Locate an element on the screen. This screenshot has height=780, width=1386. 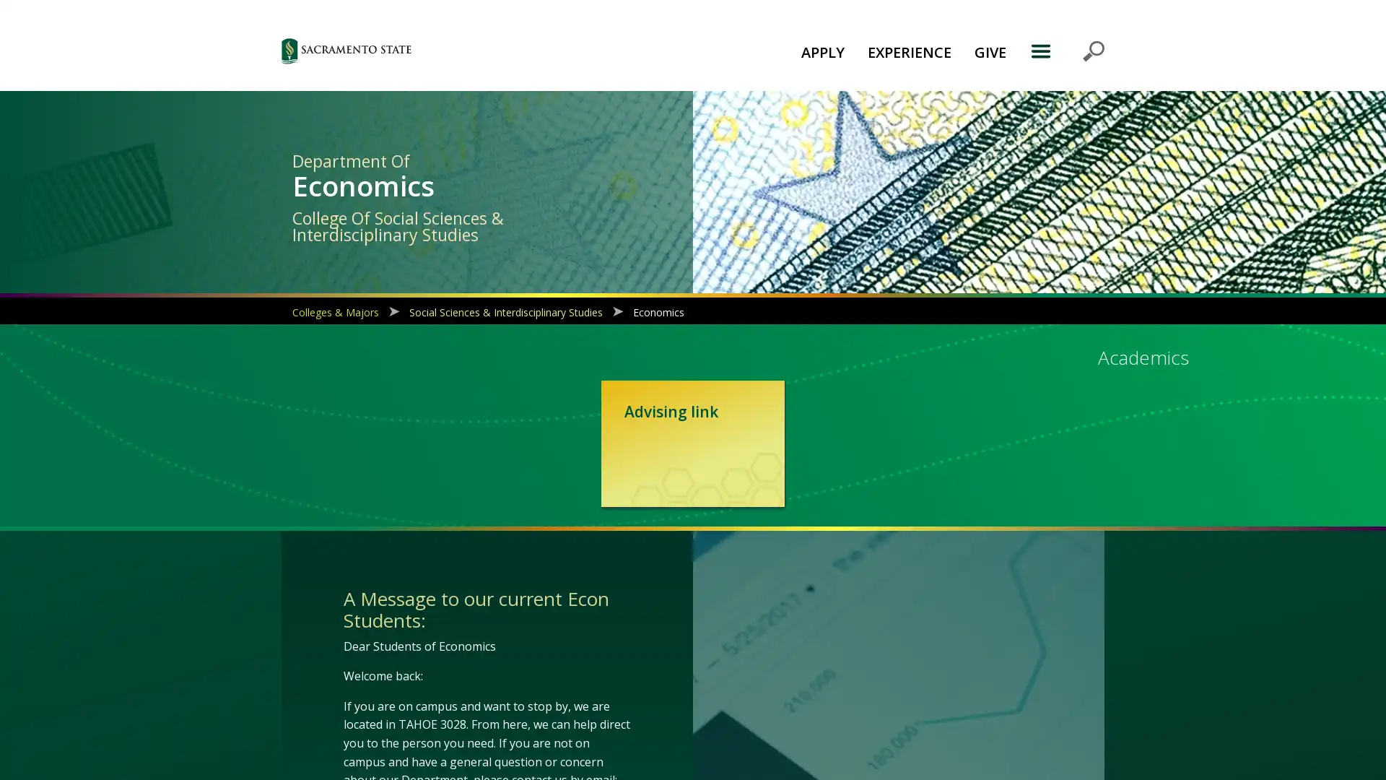
Sac State logo is located at coordinates (424, 50).